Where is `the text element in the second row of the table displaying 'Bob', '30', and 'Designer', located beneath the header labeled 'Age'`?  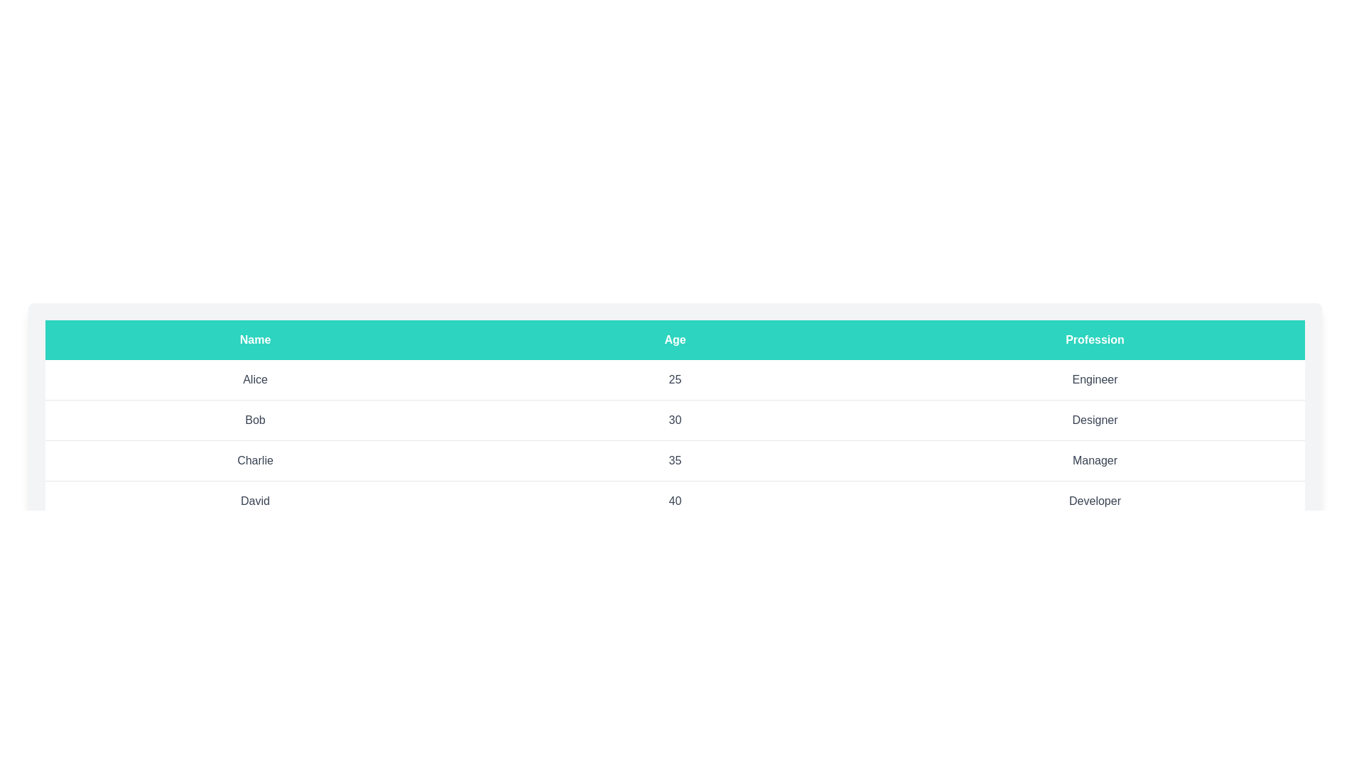 the text element in the second row of the table displaying 'Bob', '30', and 'Designer', located beneath the header labeled 'Age' is located at coordinates (674, 419).